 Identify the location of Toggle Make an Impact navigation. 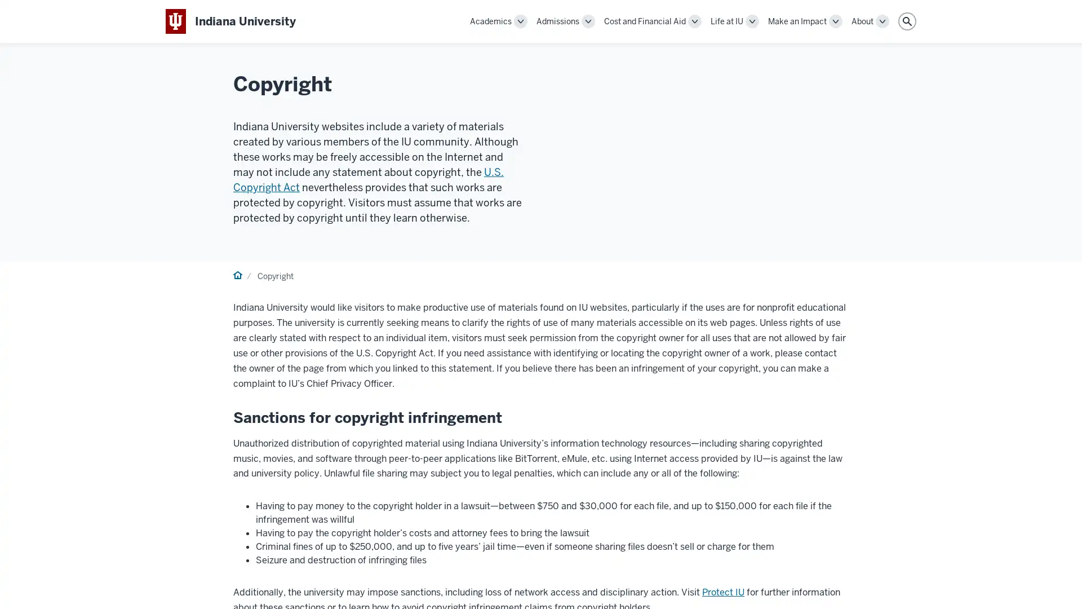
(836, 21).